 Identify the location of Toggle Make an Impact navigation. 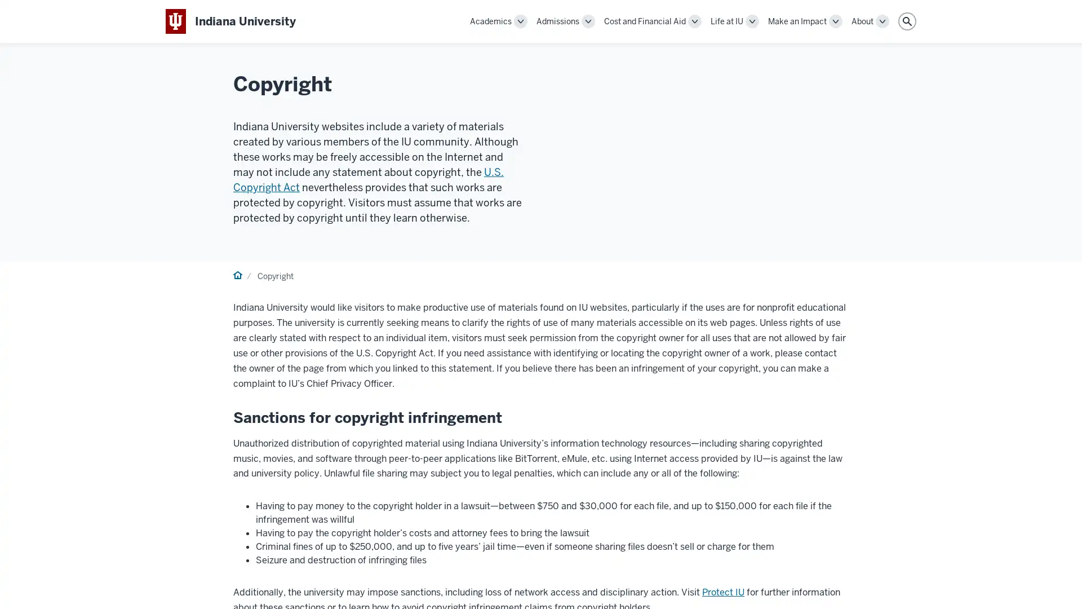
(836, 21).